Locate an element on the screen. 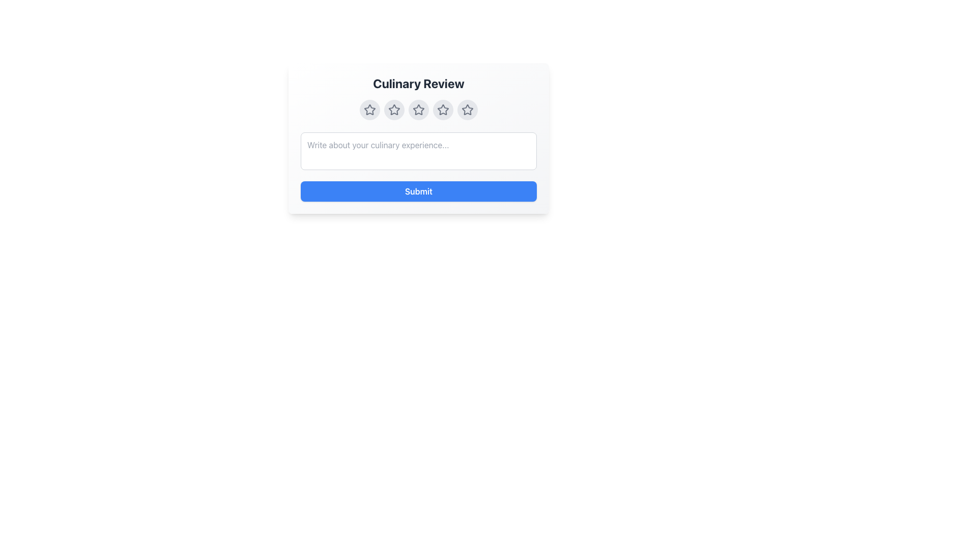 This screenshot has height=550, width=977. the circular button with a gray background and outlined star icon, which is the third rating button from the left under the heading 'Culinary Review' is located at coordinates (418, 110).